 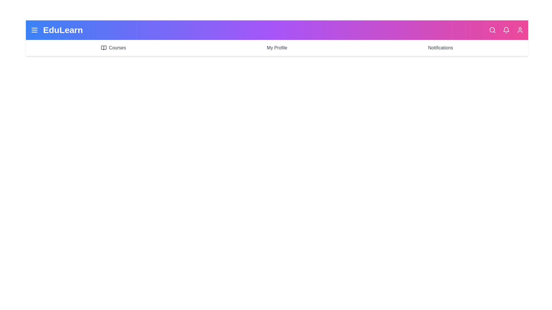 I want to click on the 'Courses' label to navigate to the 'Courses' section, so click(x=113, y=47).